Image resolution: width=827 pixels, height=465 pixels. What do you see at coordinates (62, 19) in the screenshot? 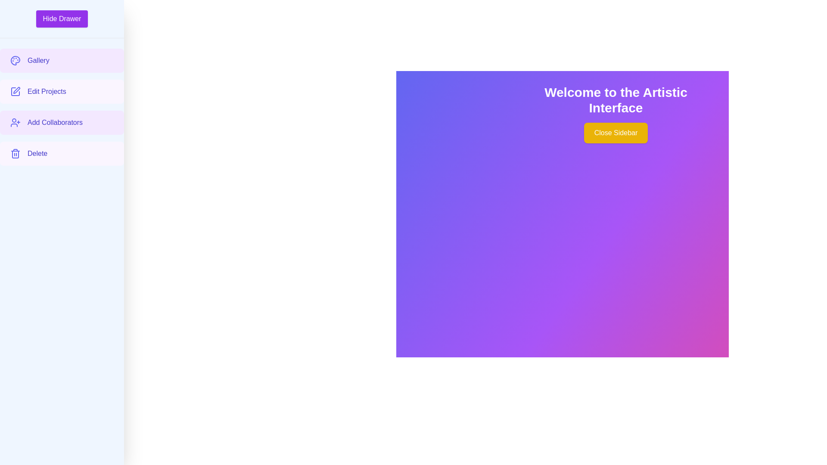
I see `'Hide Drawer' button to toggle the sidebar visibility` at bounding box center [62, 19].